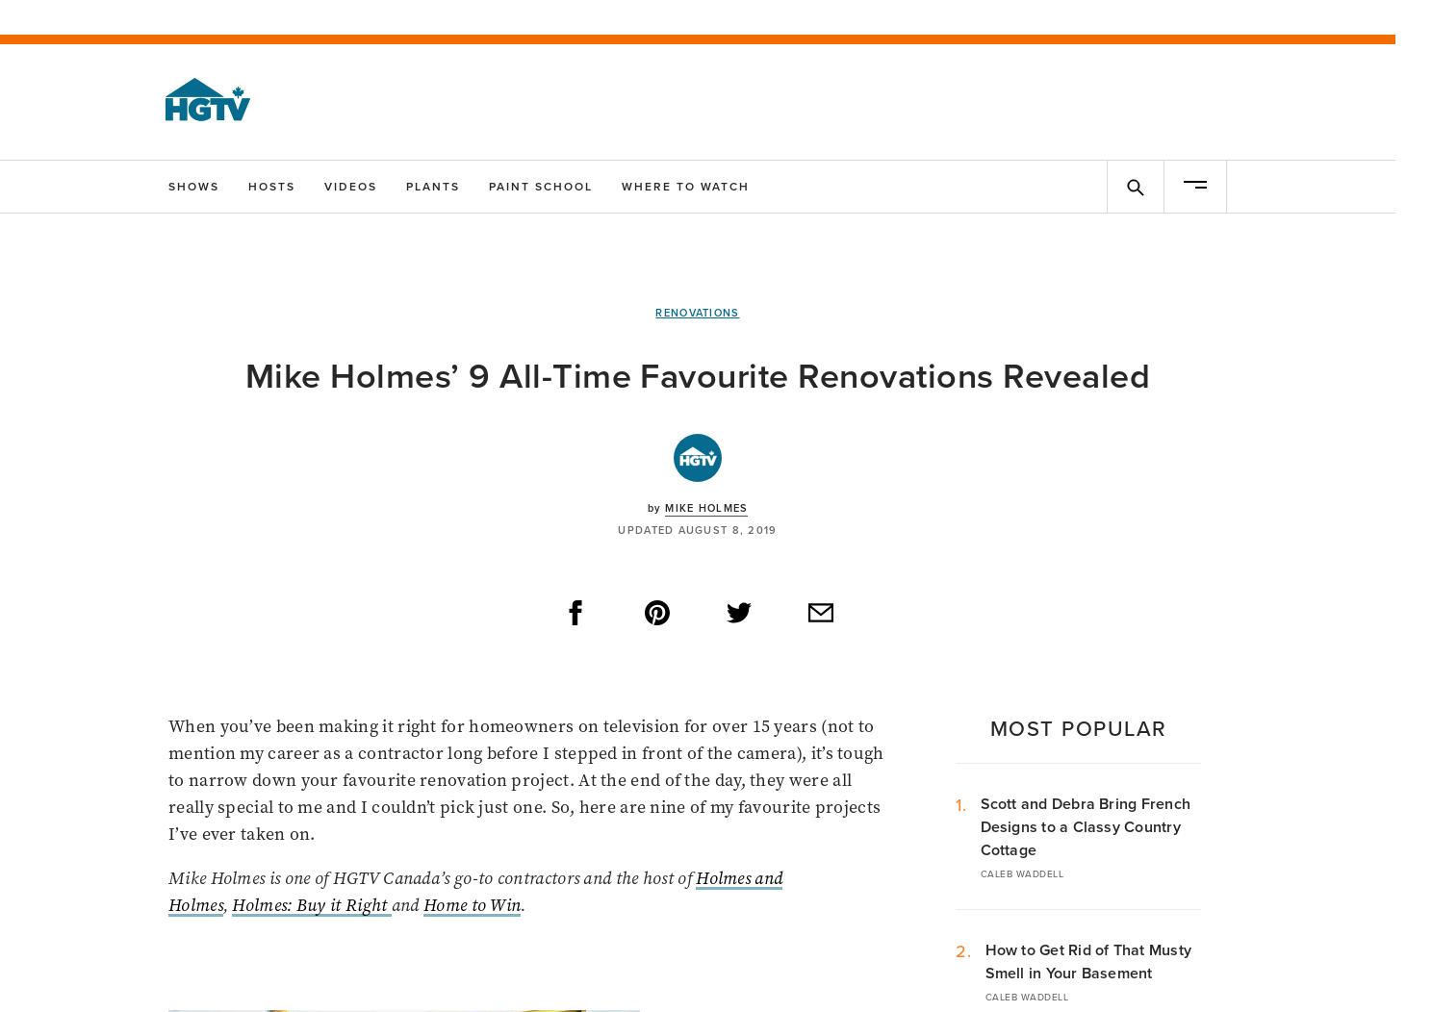 The image size is (1432, 1012). Describe the element at coordinates (207, 818) in the screenshot. I see `'Emma Yardley'` at that location.